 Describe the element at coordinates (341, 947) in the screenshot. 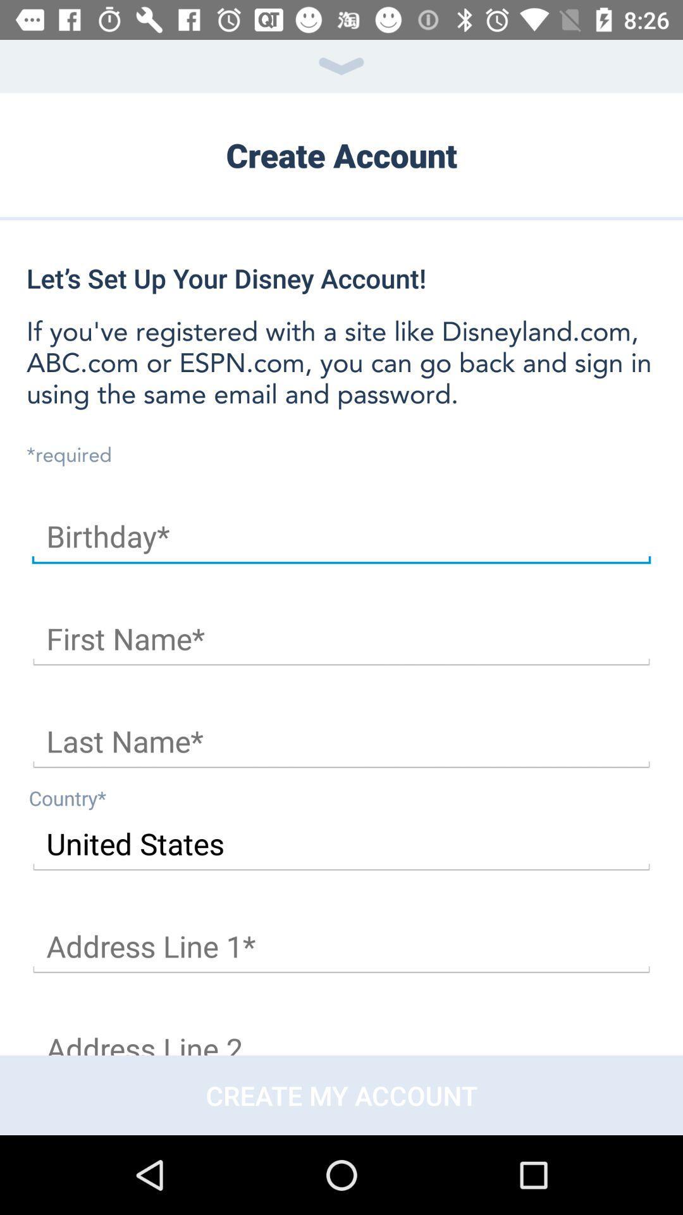

I see `your address` at that location.